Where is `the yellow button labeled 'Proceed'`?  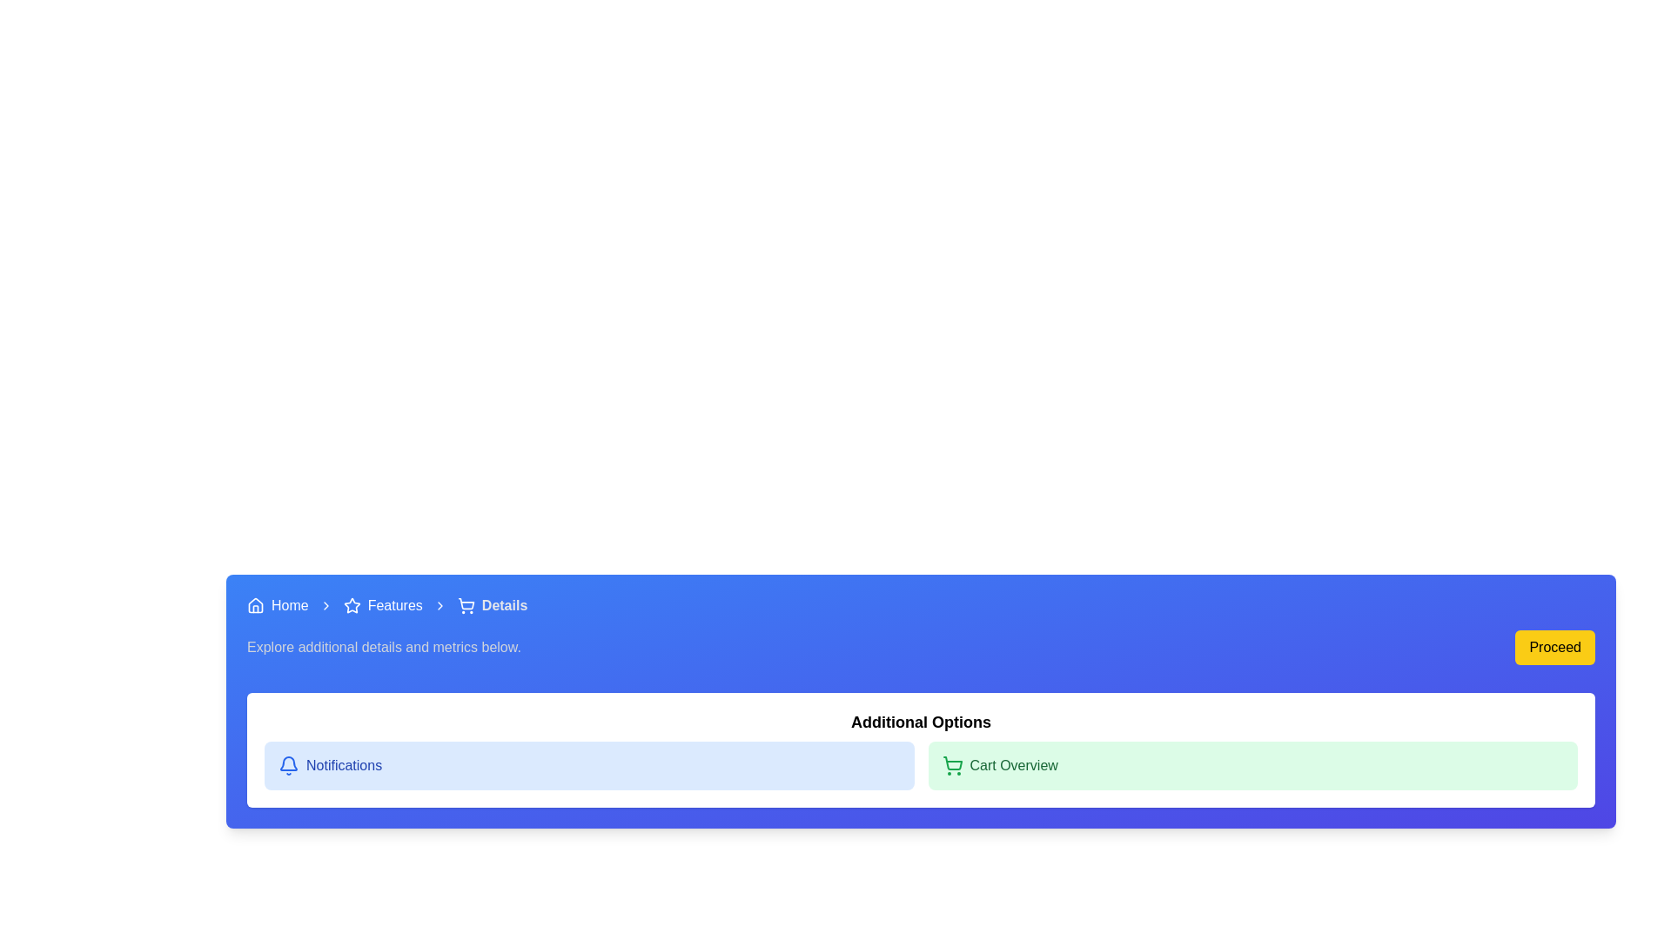
the yellow button labeled 'Proceed' is located at coordinates (1555, 647).